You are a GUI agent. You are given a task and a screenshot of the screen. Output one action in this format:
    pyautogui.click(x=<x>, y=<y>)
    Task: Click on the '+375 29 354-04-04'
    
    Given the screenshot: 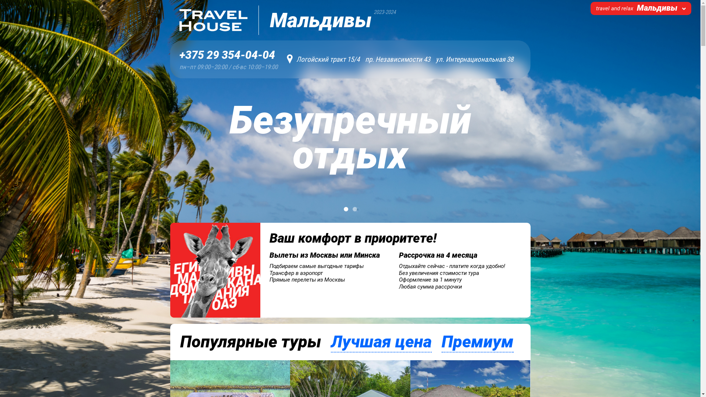 What is the action you would take?
    pyautogui.click(x=228, y=55)
    